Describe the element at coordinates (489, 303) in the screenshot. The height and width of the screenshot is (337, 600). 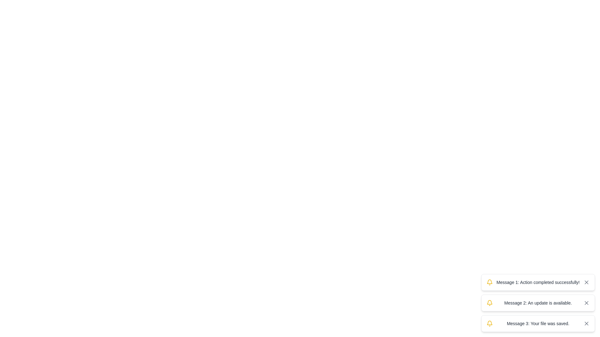
I see `the bell icon which identifies notifications in the second notification of a vertical list` at that location.